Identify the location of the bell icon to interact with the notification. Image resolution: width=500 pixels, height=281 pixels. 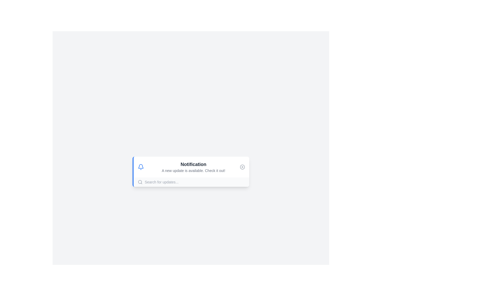
(141, 167).